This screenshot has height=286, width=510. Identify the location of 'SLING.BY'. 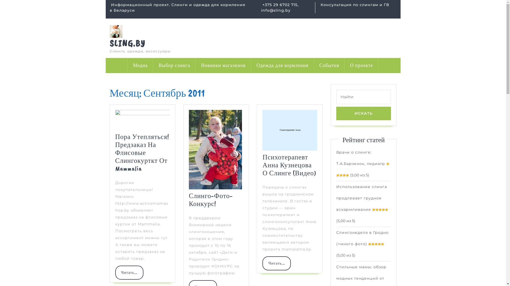
(127, 43).